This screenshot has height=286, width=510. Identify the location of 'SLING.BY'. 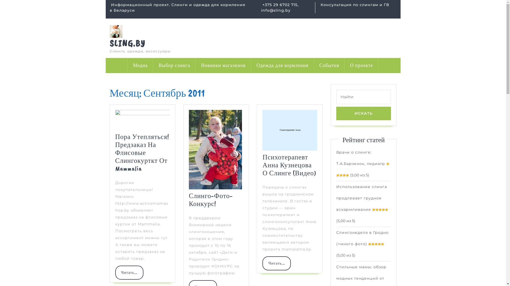
(127, 43).